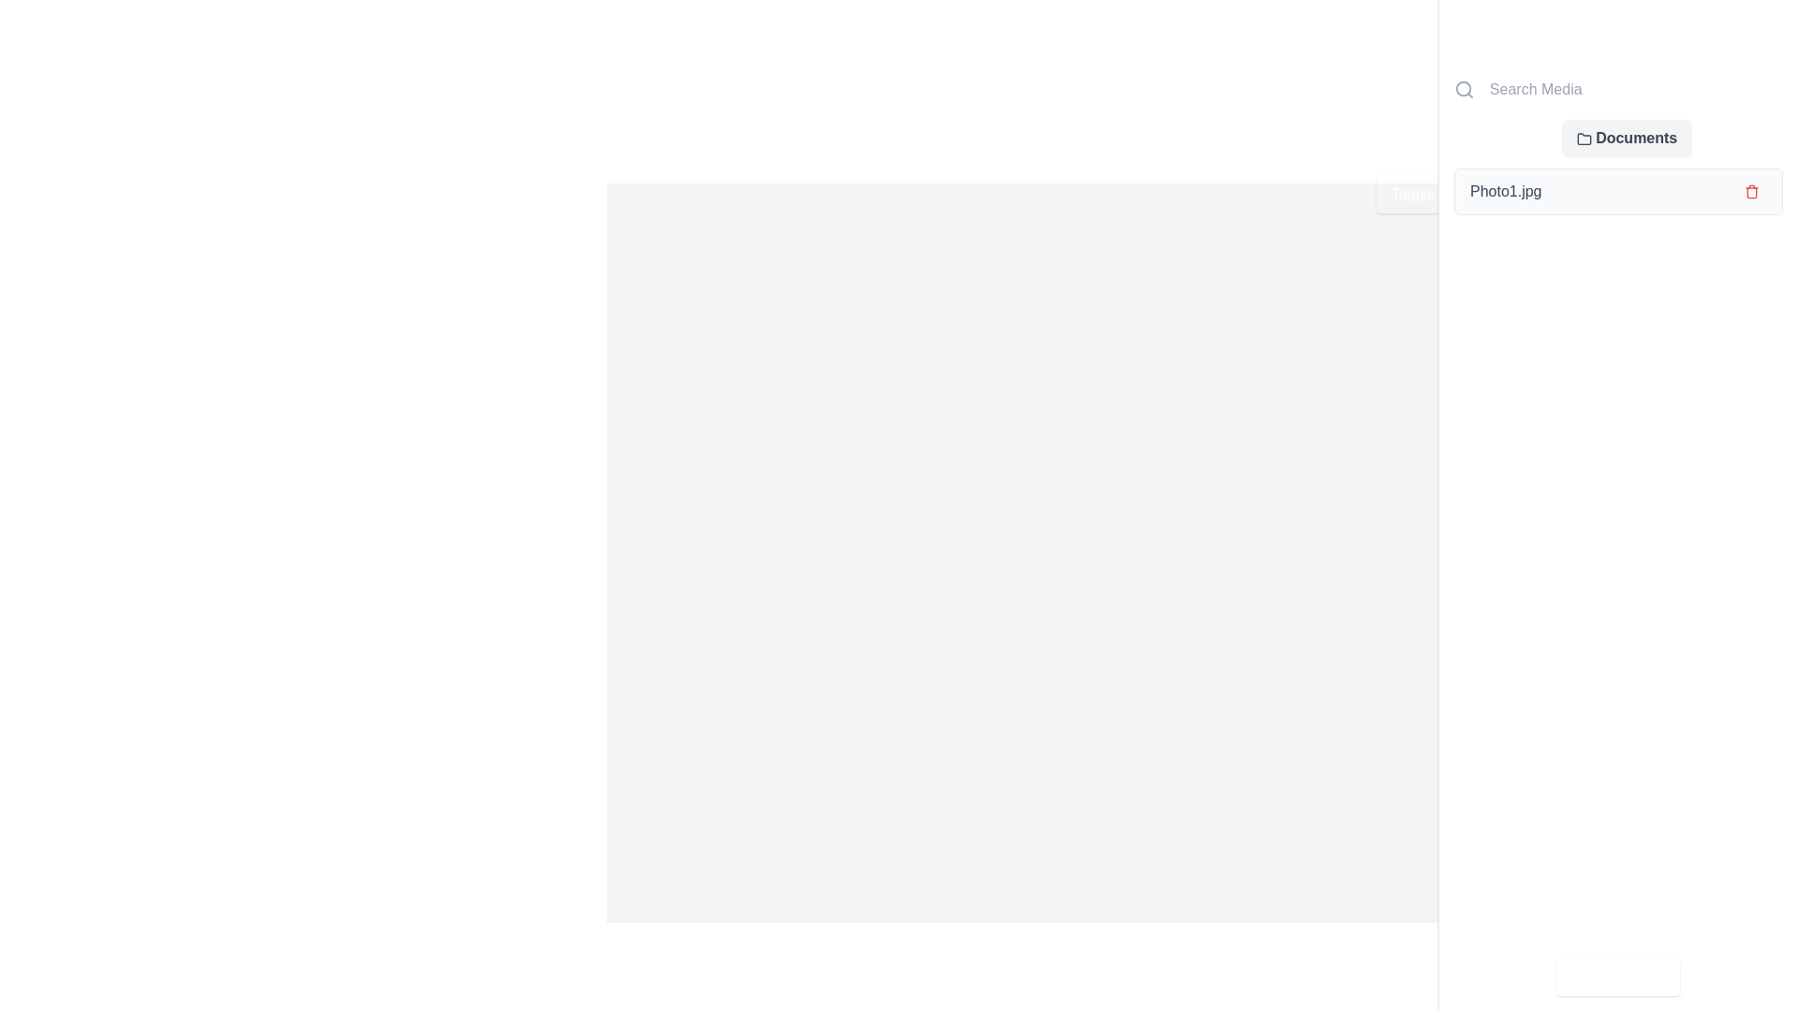 Image resolution: width=1798 pixels, height=1011 pixels. I want to click on the folder icon located to the left of the 'Documents' label on the right side of the interface, so click(1584, 138).